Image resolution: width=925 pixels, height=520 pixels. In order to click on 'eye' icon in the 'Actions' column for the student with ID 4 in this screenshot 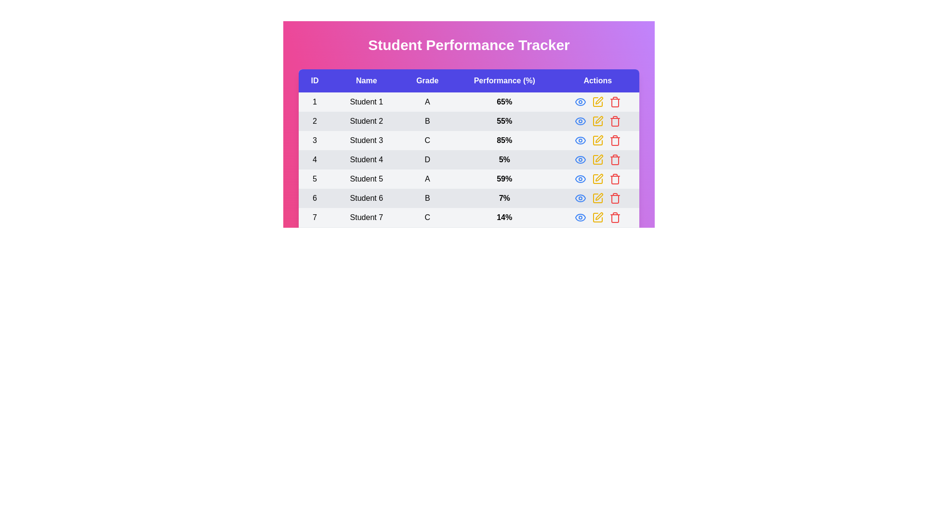, I will do `click(580, 159)`.